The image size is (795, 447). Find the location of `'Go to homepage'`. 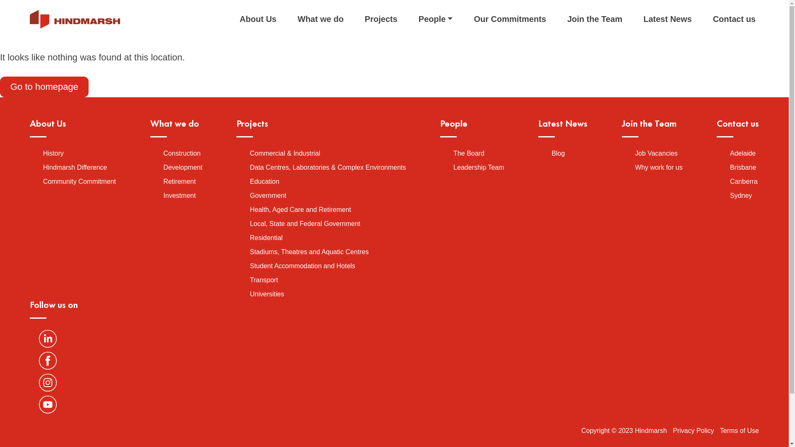

'Go to homepage' is located at coordinates (43, 87).